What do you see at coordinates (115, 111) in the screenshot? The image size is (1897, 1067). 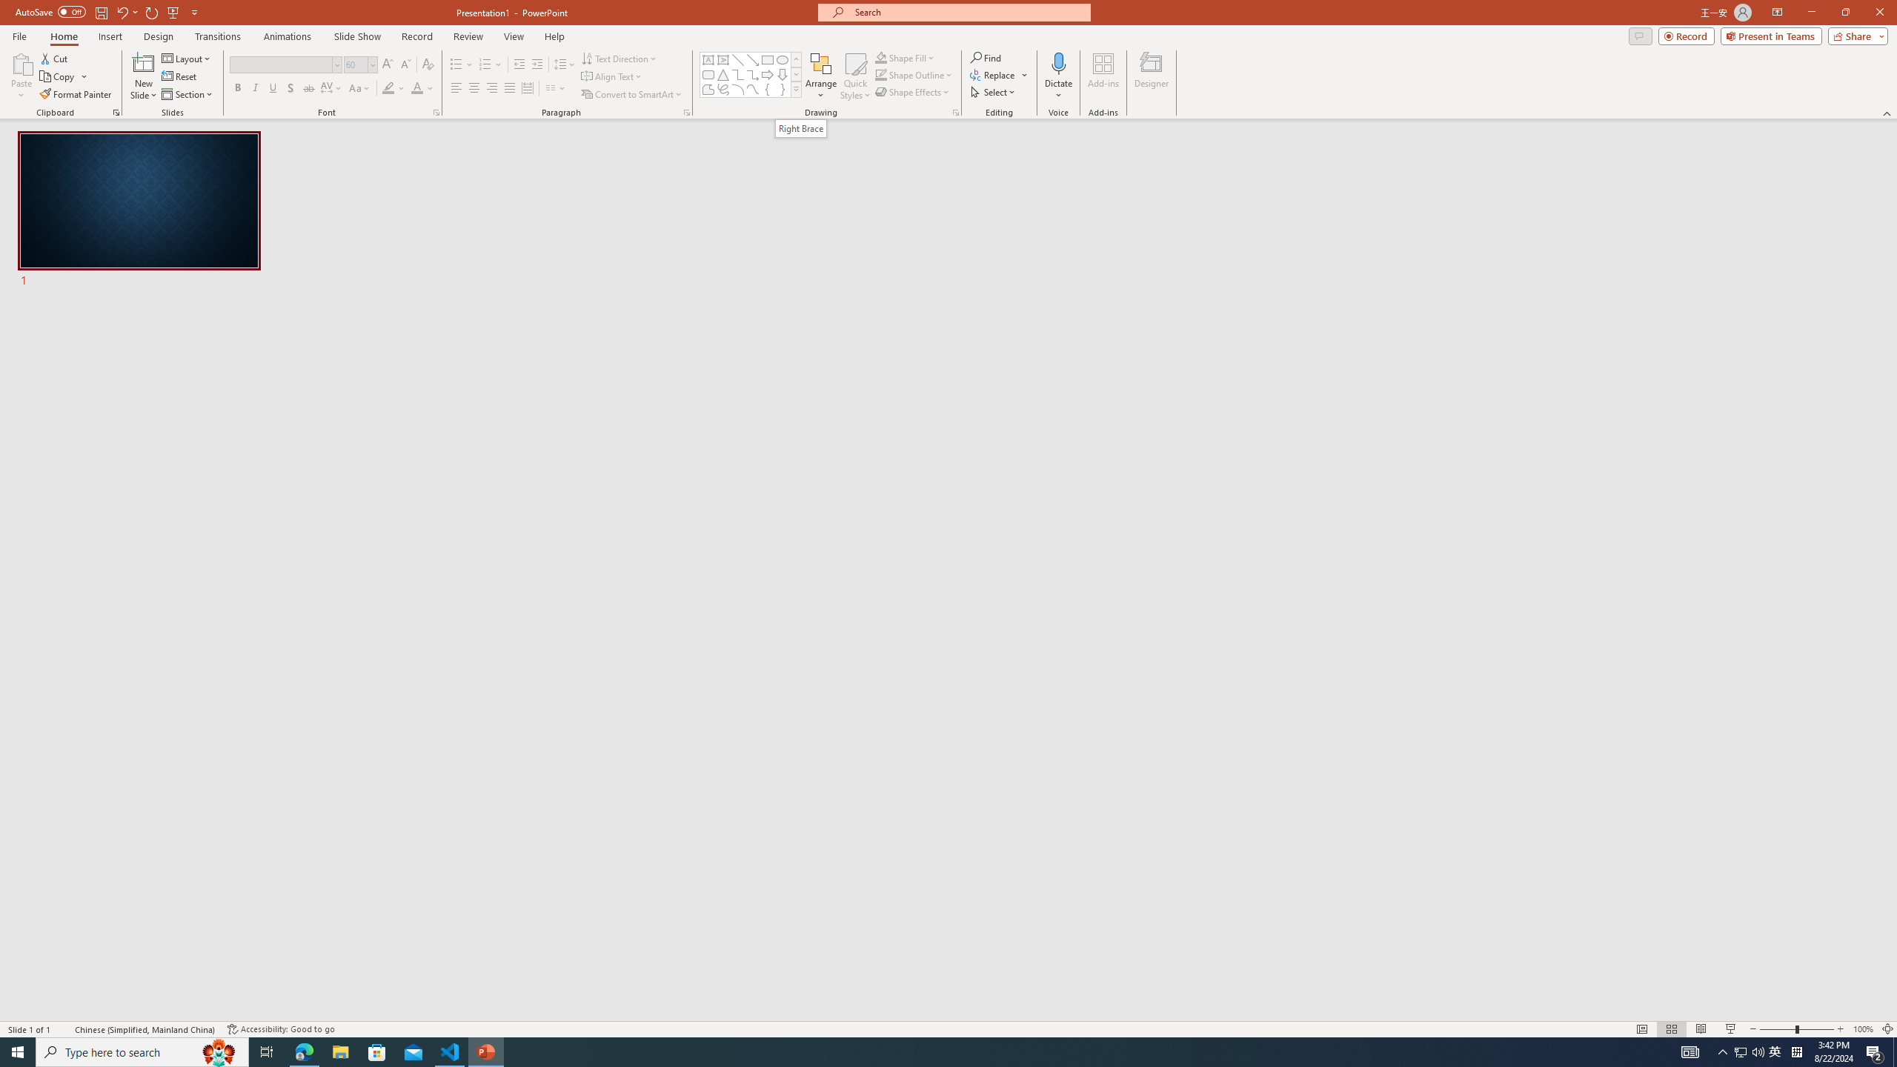 I see `'Office Clipboard...'` at bounding box center [115, 111].